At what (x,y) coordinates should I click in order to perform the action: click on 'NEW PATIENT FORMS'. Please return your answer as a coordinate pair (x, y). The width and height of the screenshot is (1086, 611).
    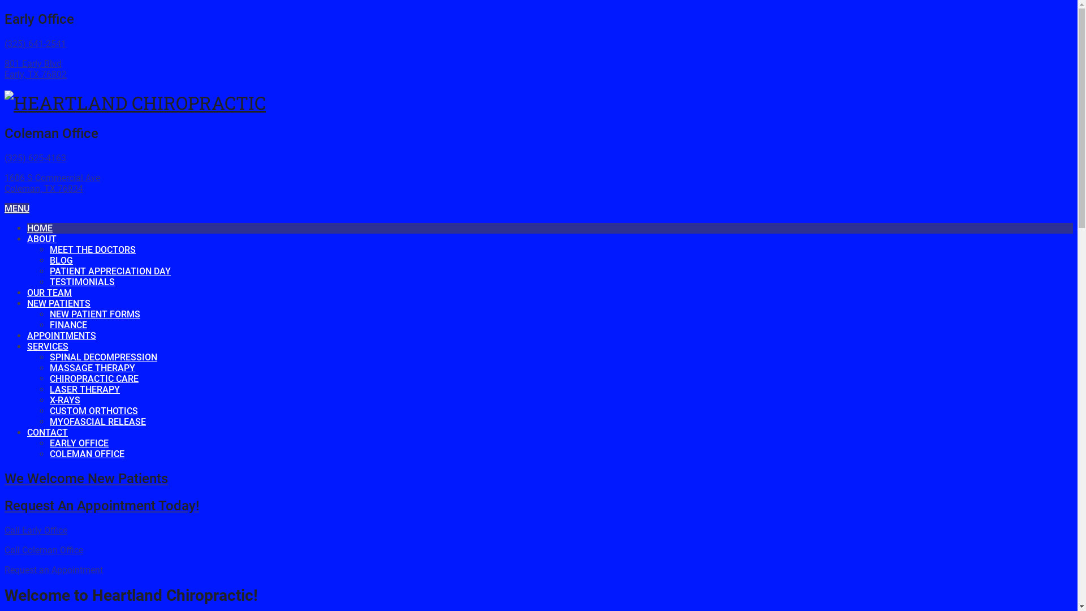
    Looking at the image, I should click on (95, 314).